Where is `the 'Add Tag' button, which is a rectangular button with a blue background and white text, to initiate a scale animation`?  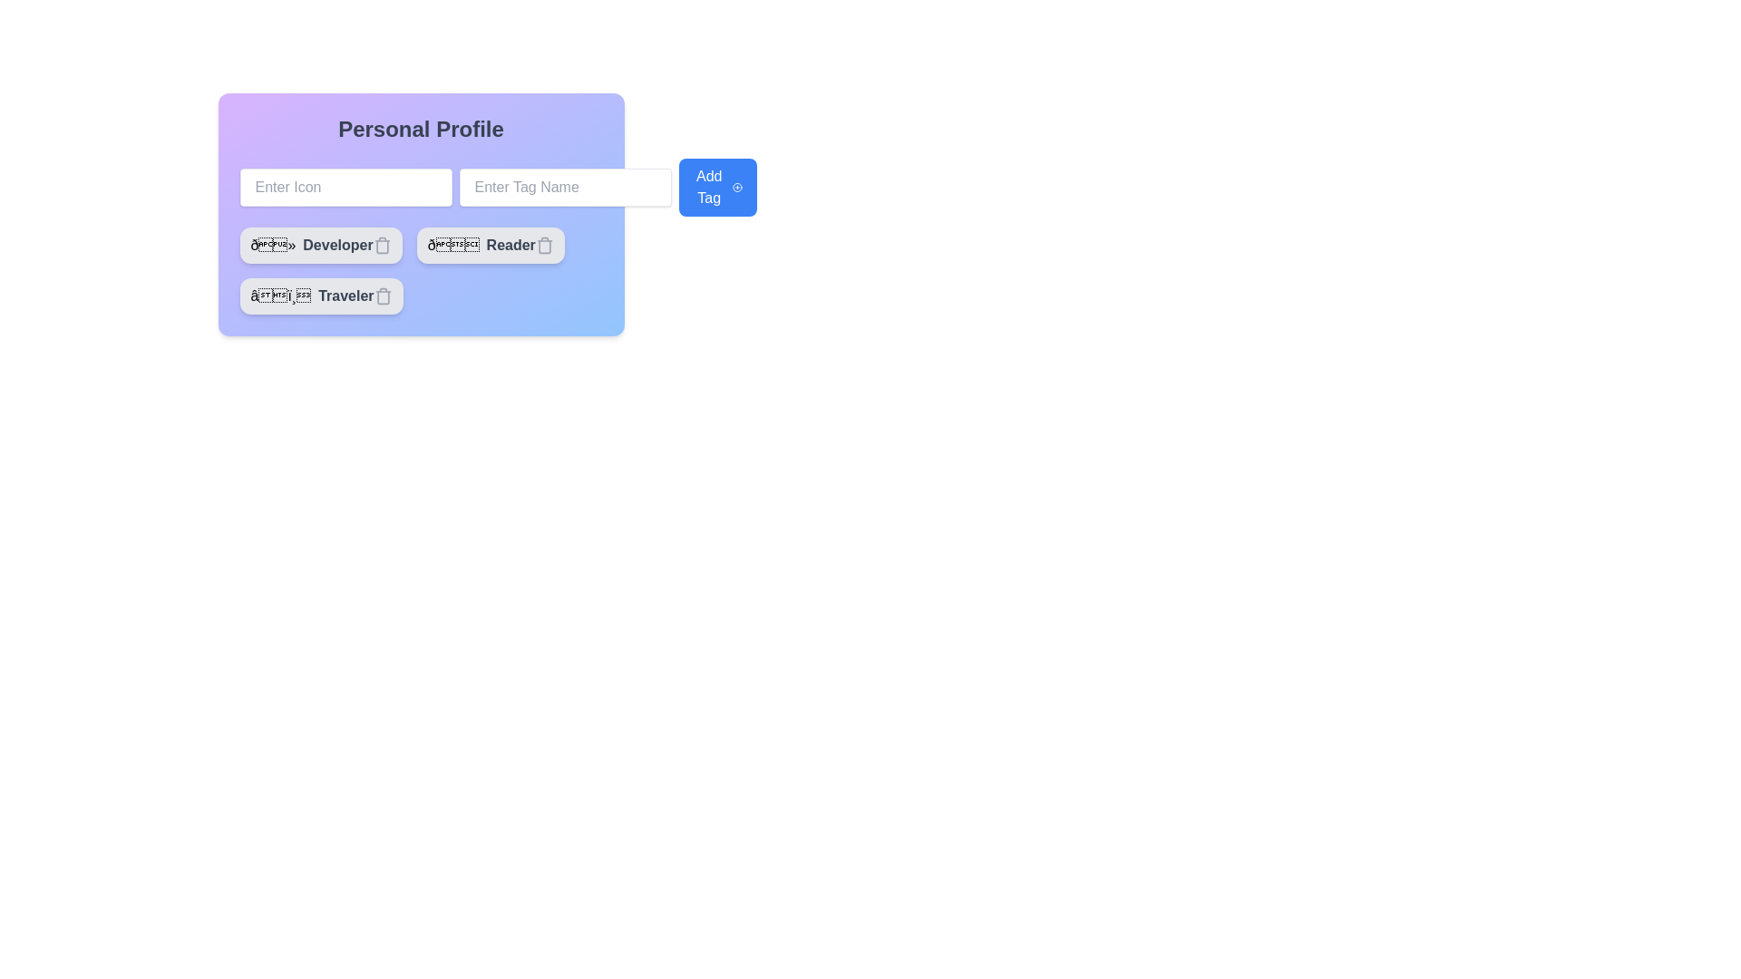 the 'Add Tag' button, which is a rectangular button with a blue background and white text, to initiate a scale animation is located at coordinates (716, 188).